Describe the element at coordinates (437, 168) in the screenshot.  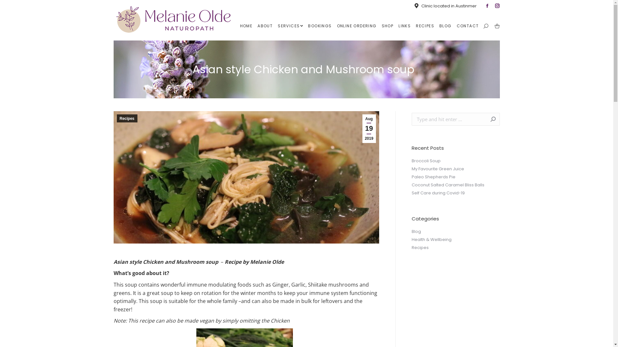
I see `'My Favourite Green Juice'` at that location.